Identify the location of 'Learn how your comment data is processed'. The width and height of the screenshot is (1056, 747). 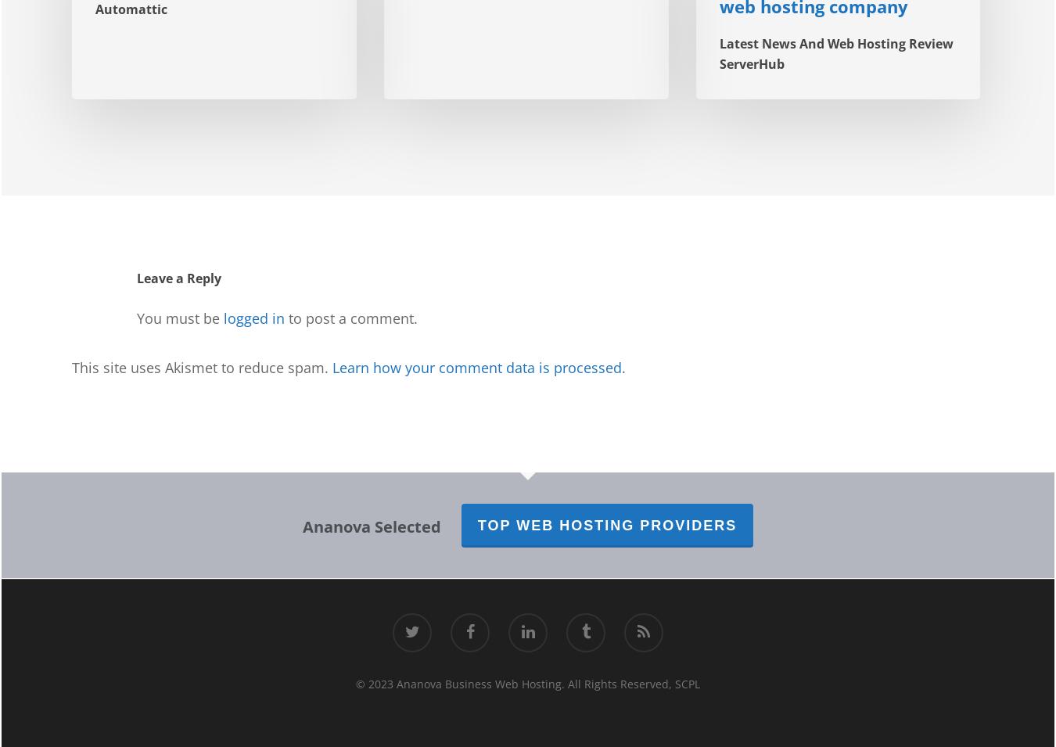
(477, 366).